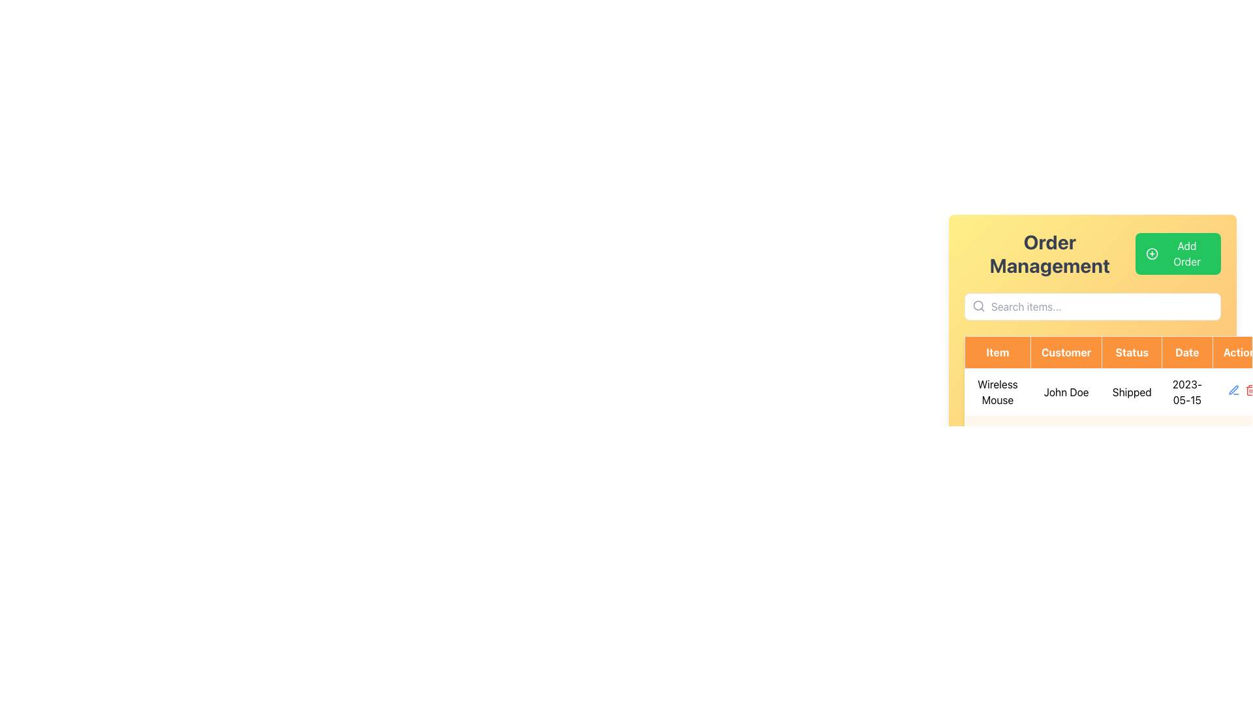 Image resolution: width=1253 pixels, height=705 pixels. What do you see at coordinates (997, 352) in the screenshot?
I see `the header labeled 'Item' which is a rectangular button-like component with an orange background and white text, positioned at the top-left corner of the table` at bounding box center [997, 352].